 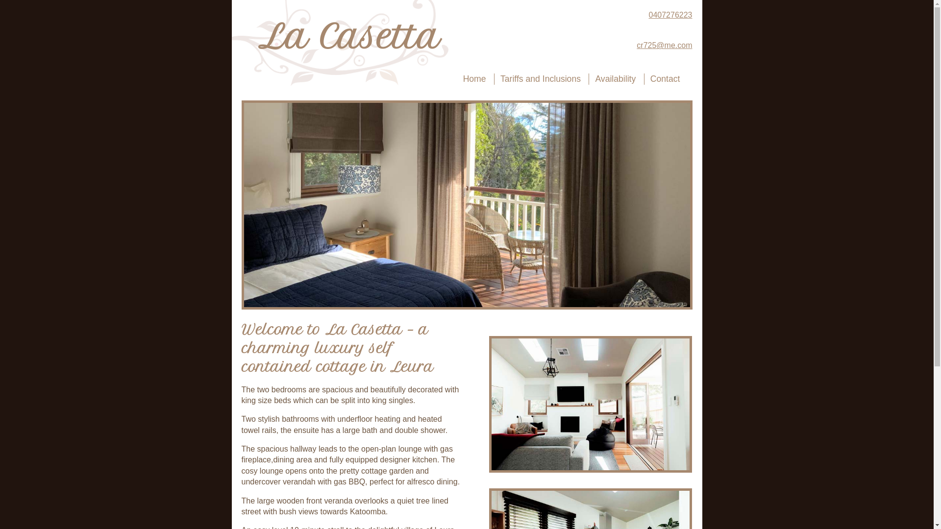 What do you see at coordinates (626, 45) in the screenshot?
I see `'cr725@me.com'` at bounding box center [626, 45].